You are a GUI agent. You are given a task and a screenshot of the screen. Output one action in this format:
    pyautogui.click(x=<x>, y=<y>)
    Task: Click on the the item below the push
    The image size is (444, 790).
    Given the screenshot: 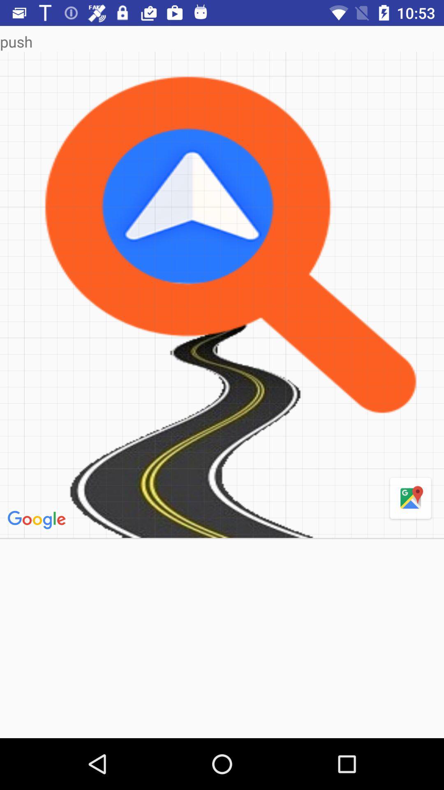 What is the action you would take?
    pyautogui.click(x=410, y=498)
    